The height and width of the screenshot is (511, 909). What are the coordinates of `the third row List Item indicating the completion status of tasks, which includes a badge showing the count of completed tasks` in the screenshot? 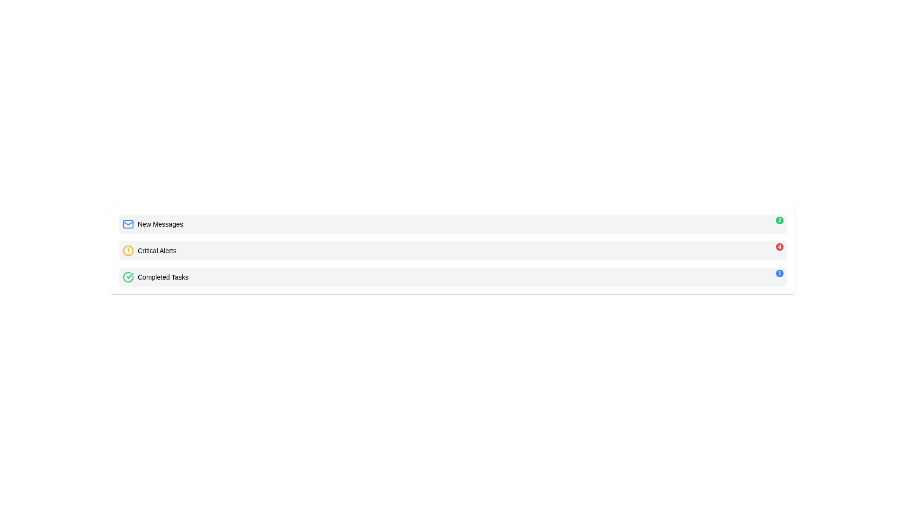 It's located at (452, 277).